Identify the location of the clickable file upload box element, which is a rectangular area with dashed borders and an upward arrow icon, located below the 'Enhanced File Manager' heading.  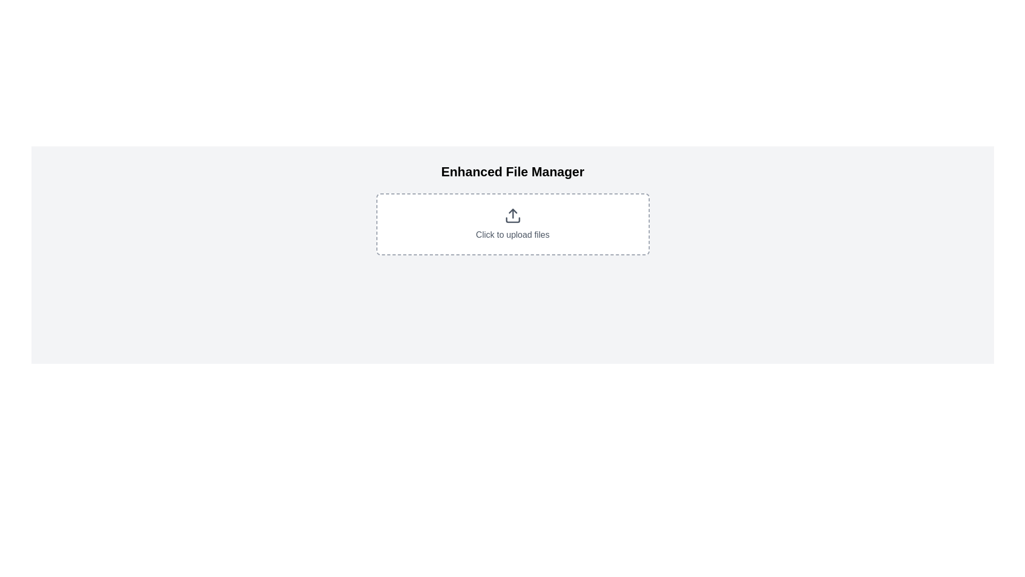
(512, 224).